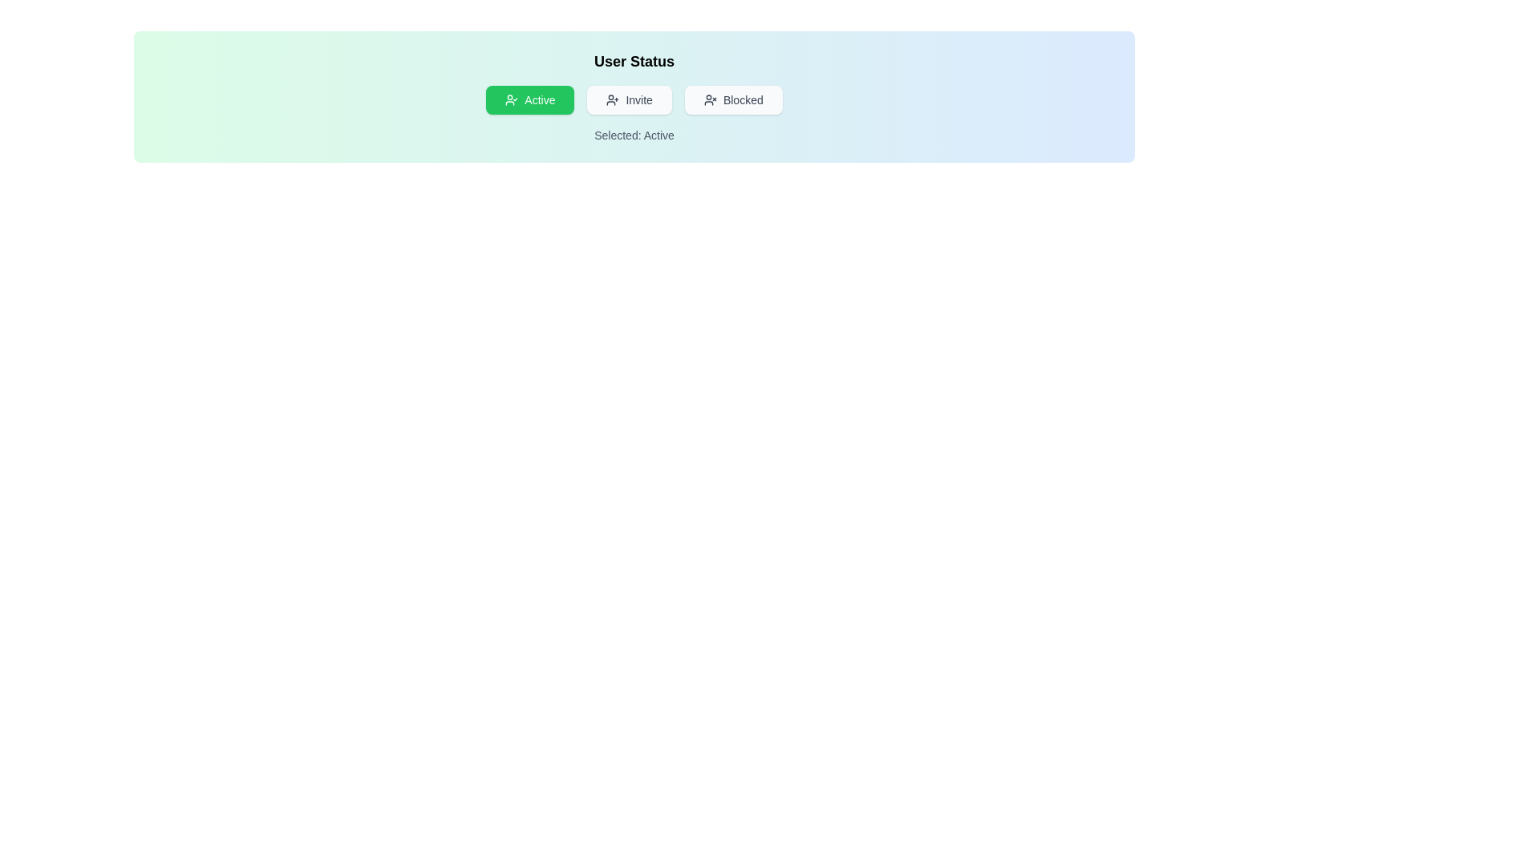 The height and width of the screenshot is (866, 1540). Describe the element at coordinates (733, 99) in the screenshot. I see `the chip labeled Blocked to change the user status` at that location.